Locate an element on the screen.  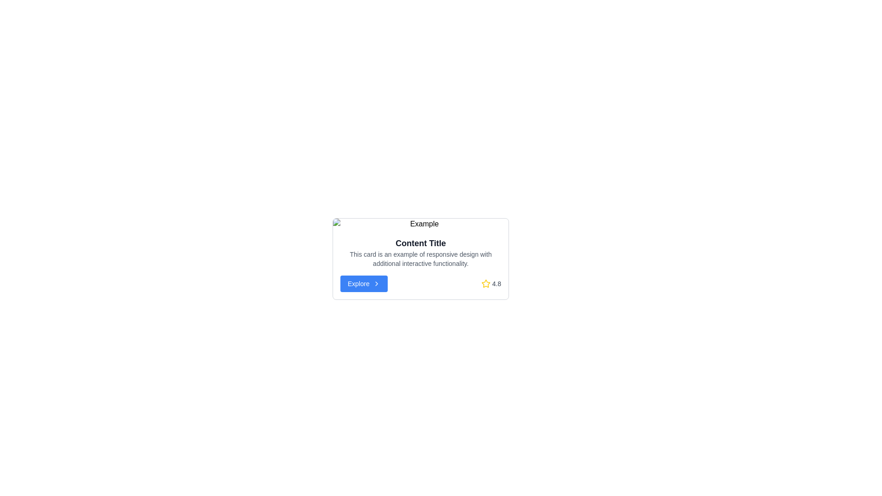
the numerical rating display component showing '4.8', which is positioned to the right of a yellow star icon in the bottom right corner of the card component is located at coordinates (496, 283).